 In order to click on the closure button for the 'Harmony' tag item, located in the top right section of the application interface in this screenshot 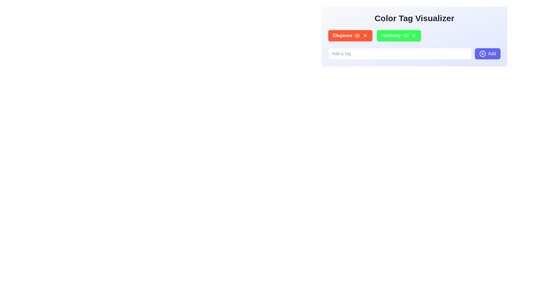, I will do `click(413, 35)`.